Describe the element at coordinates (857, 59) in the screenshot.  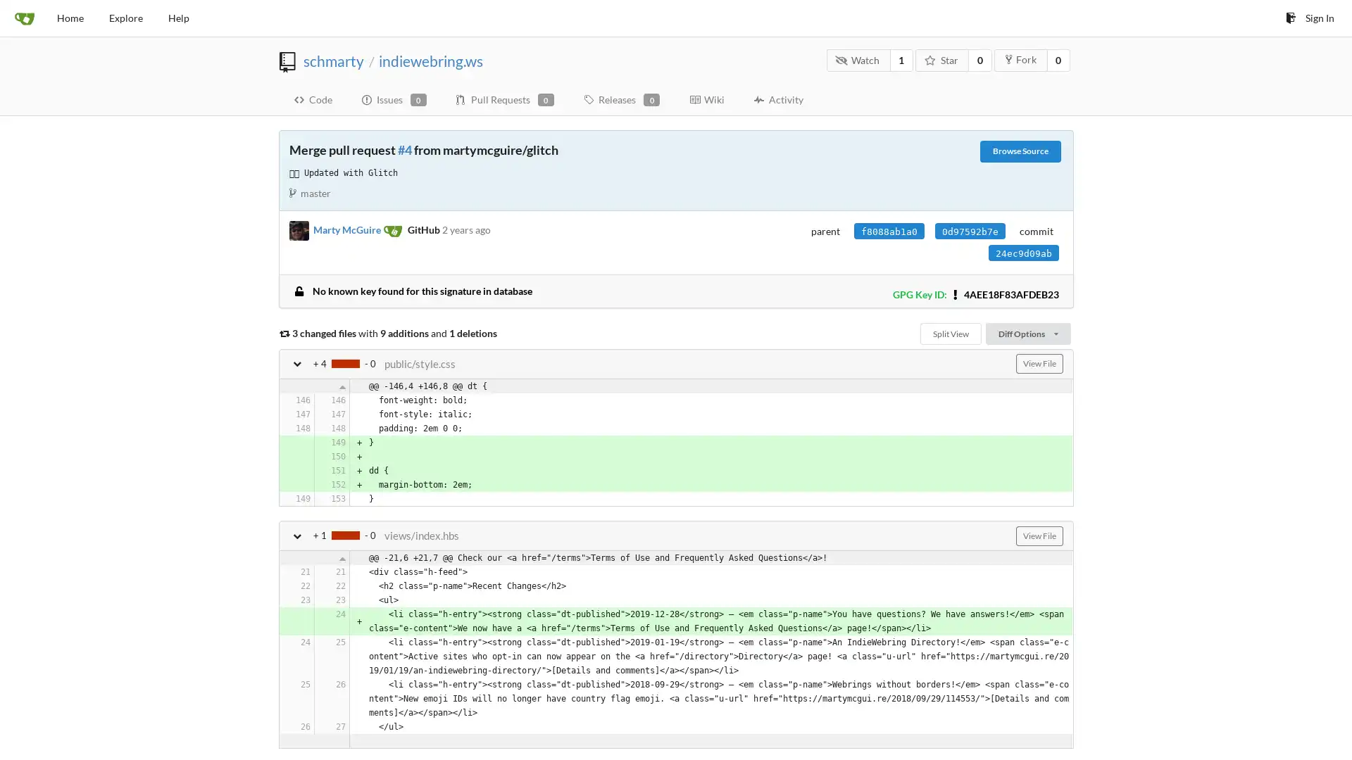
I see `Watch` at that location.